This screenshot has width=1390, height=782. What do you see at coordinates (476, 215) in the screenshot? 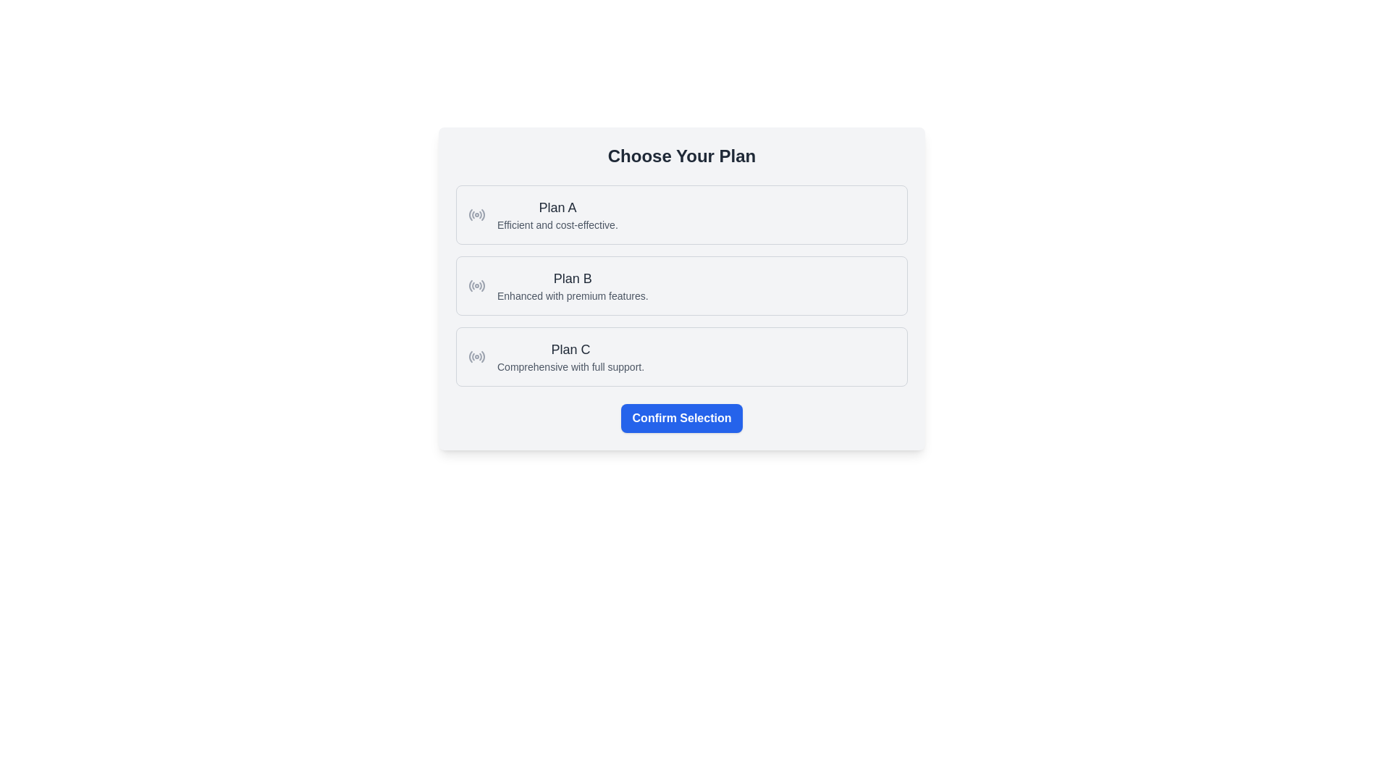
I see `the decorative icon resembling a radio wave, located to the left of the 'Plan A' text` at bounding box center [476, 215].